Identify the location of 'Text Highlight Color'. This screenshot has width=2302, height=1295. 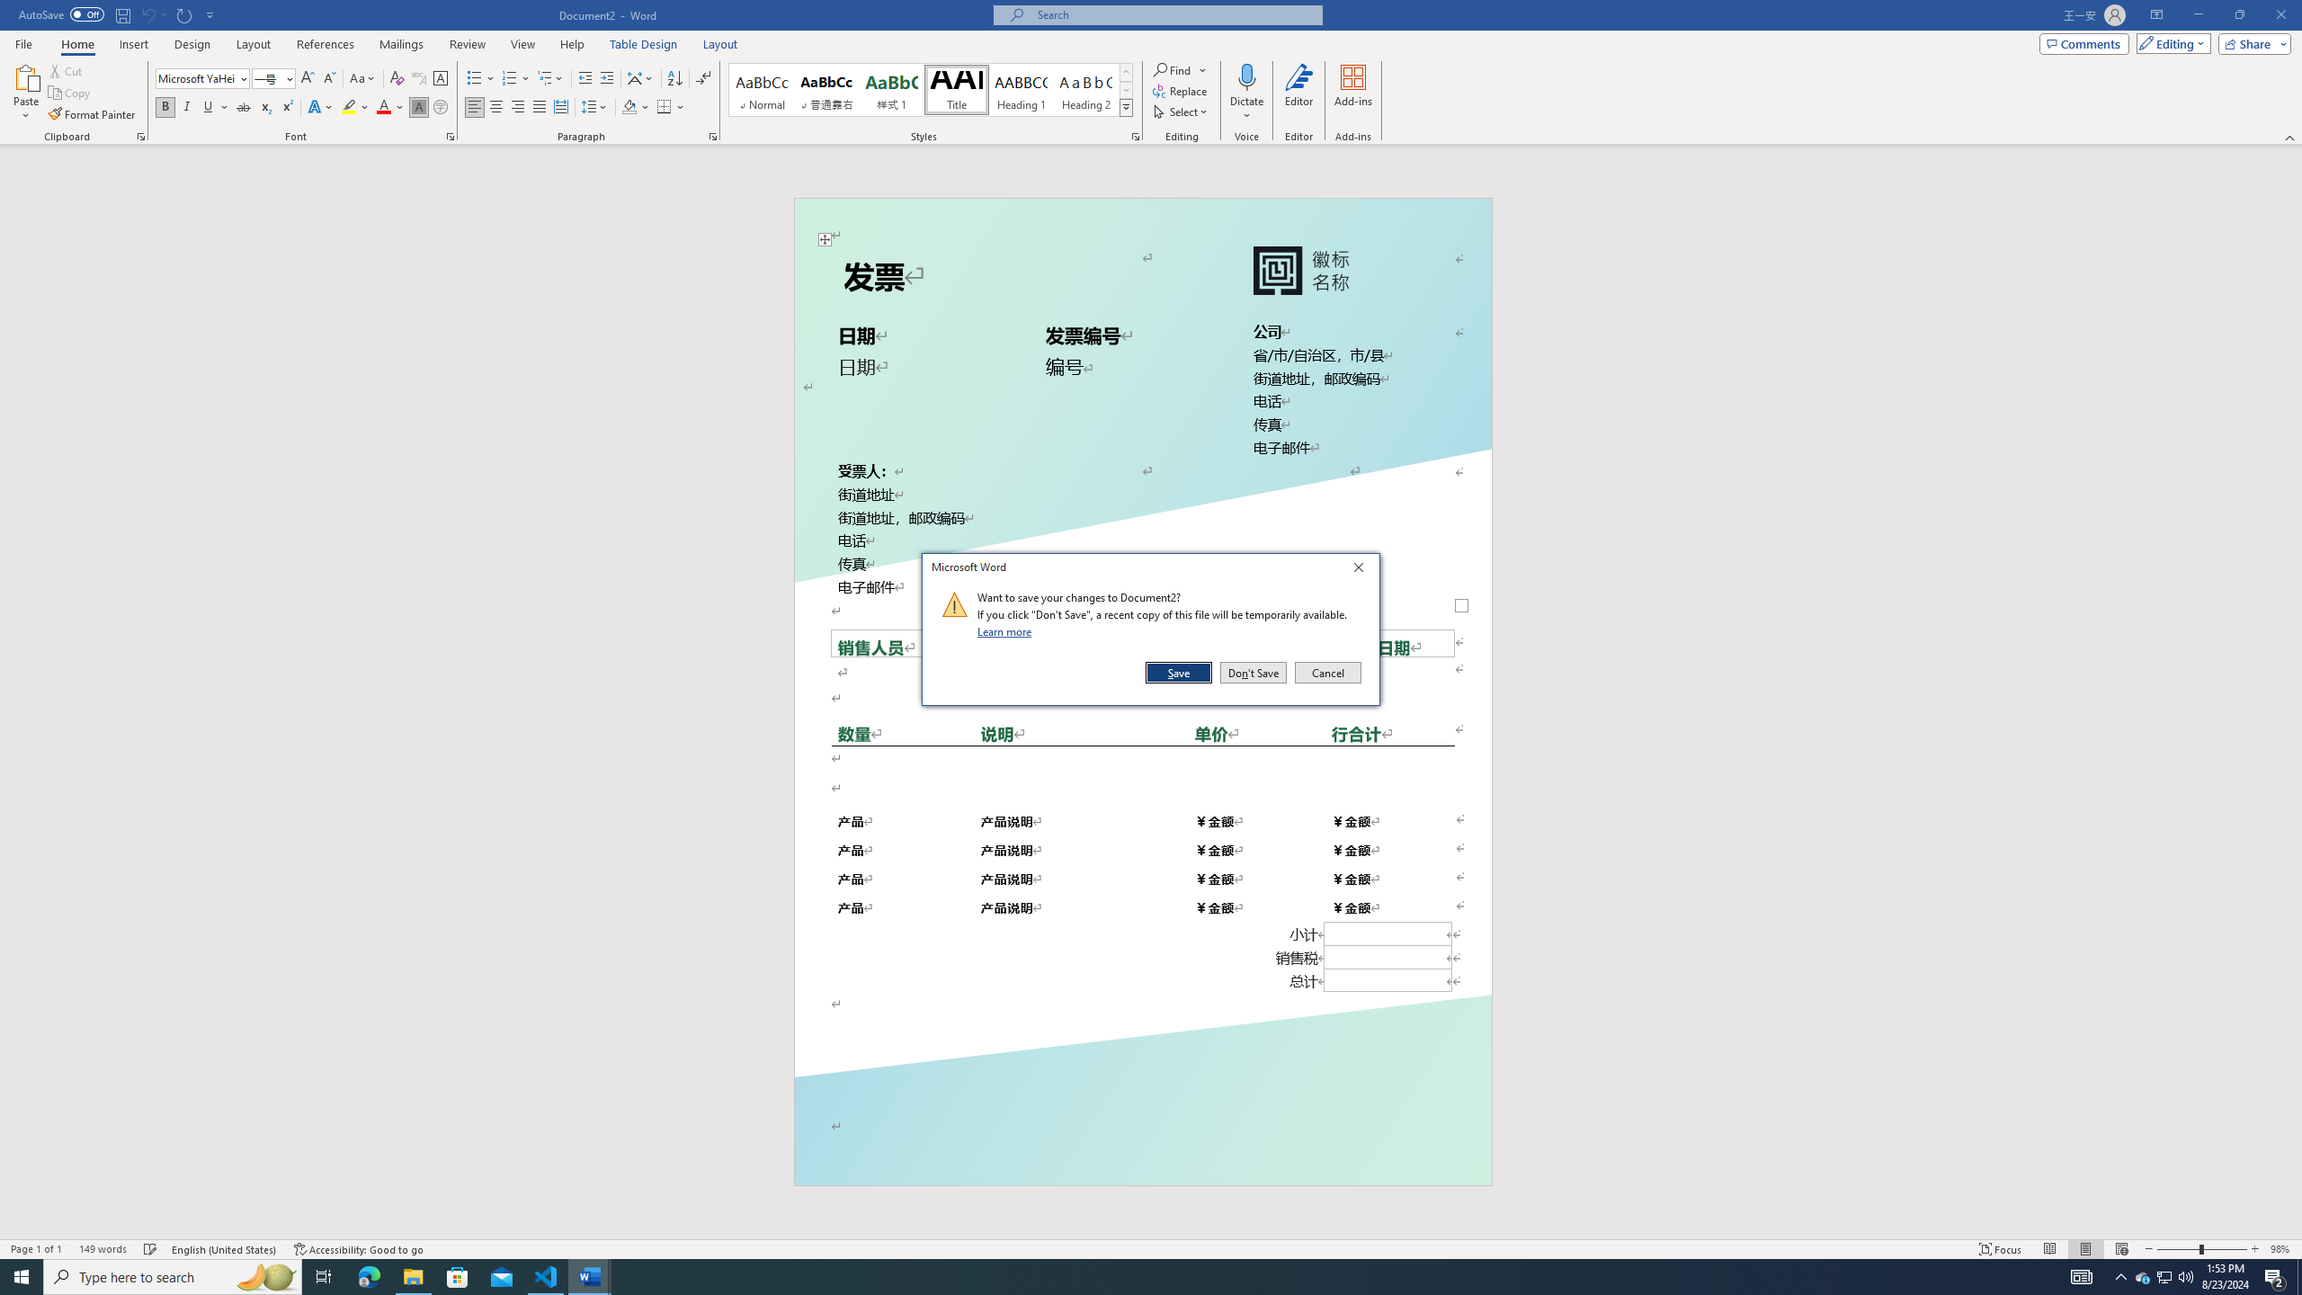
(355, 106).